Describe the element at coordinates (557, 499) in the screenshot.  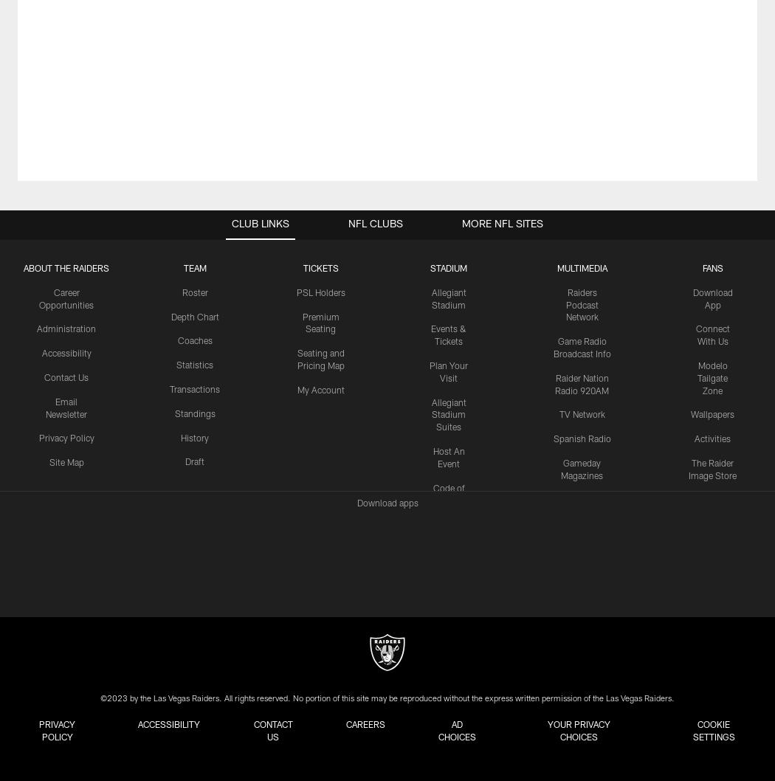
I see `'Media Guide'` at that location.